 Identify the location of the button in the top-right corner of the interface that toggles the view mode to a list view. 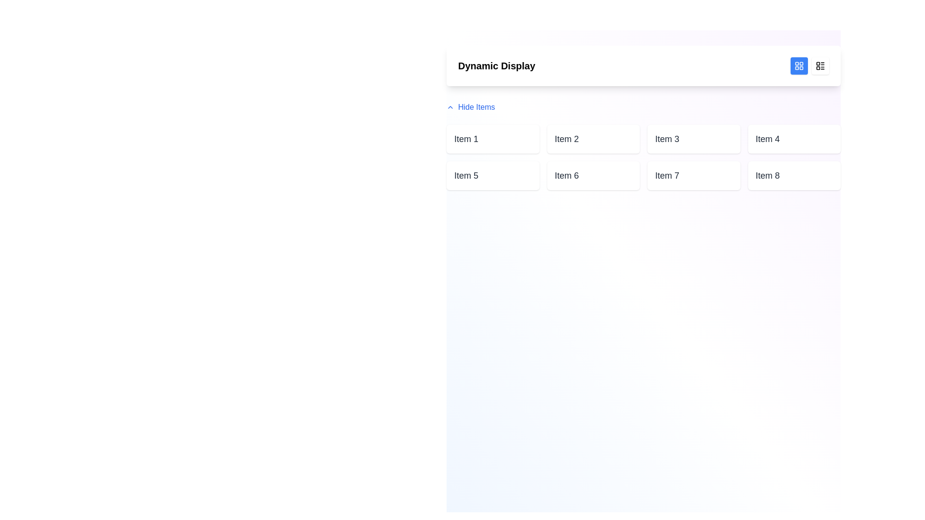
(820, 65).